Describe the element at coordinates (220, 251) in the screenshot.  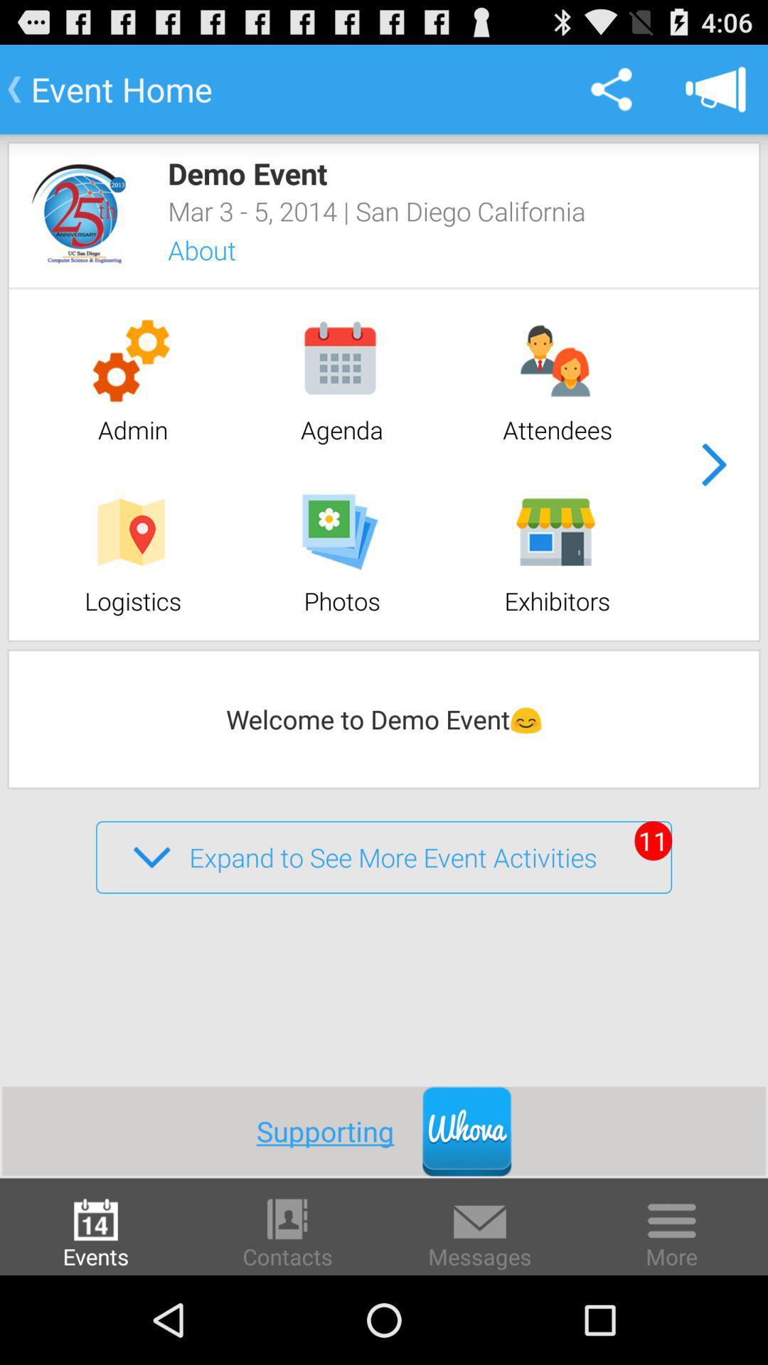
I see `about item` at that location.